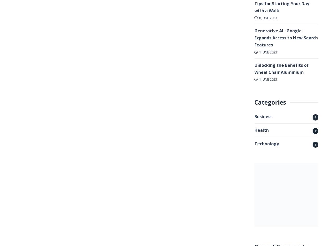 The image size is (334, 246). What do you see at coordinates (263, 116) in the screenshot?
I see `'Business'` at bounding box center [263, 116].